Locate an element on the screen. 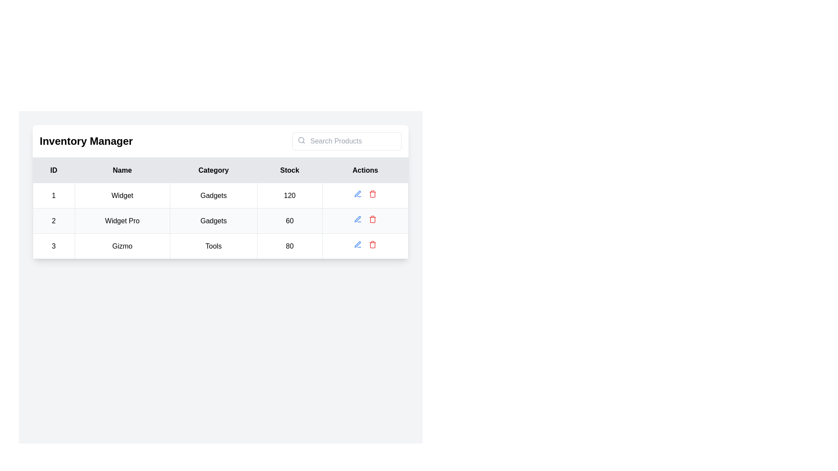 The width and height of the screenshot is (838, 471). the 'Actions' text header element, which is styled with a bold black font on a gray background and is the fifth column header in the table header section, positioned to the far right is located at coordinates (365, 170).